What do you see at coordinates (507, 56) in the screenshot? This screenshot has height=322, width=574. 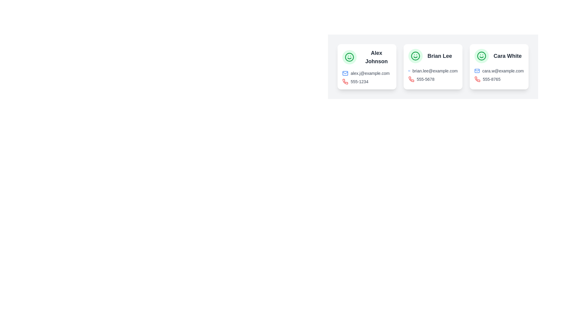 I see `the user's name label at the top-right corner of the contact card` at bounding box center [507, 56].